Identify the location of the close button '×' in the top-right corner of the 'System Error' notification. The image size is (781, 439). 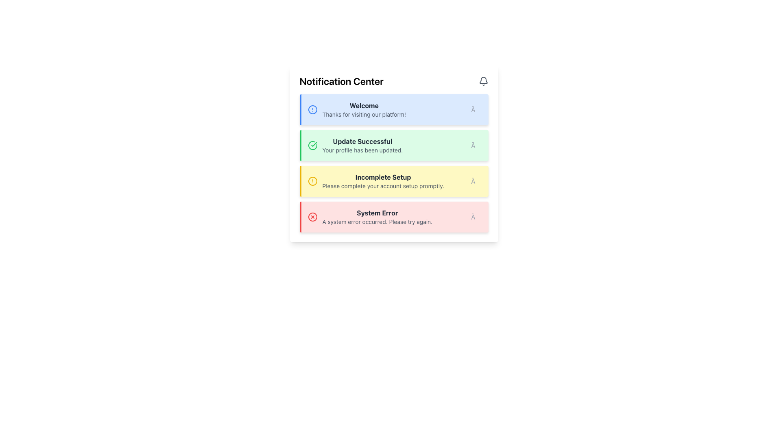
(476, 216).